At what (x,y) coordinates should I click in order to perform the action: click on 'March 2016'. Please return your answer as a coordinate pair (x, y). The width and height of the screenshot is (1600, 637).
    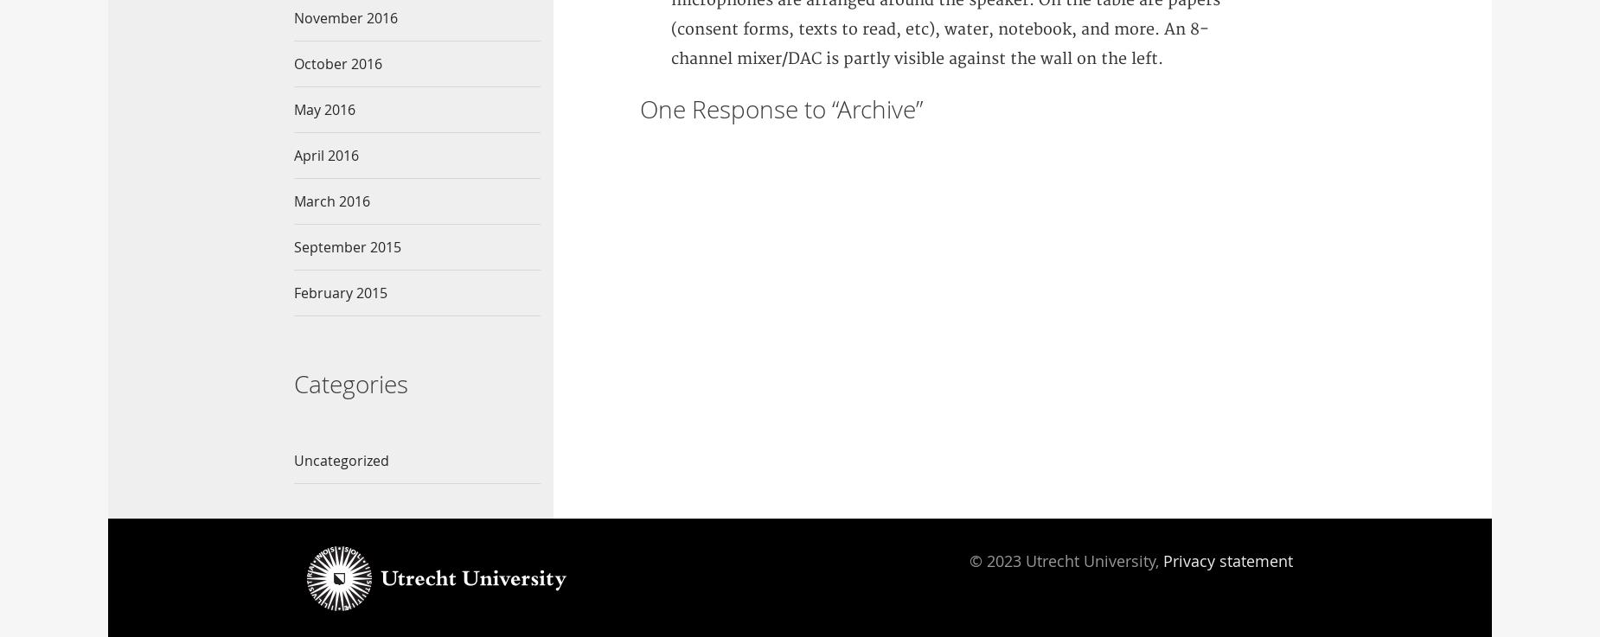
    Looking at the image, I should click on (331, 201).